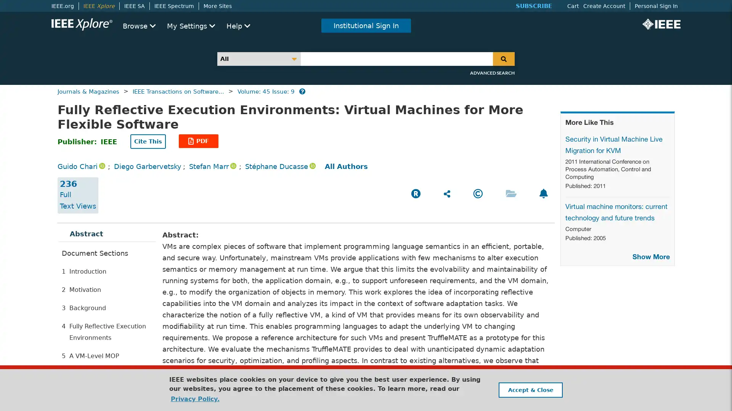 This screenshot has height=411, width=732. What do you see at coordinates (504, 58) in the screenshot?
I see `Search` at bounding box center [504, 58].